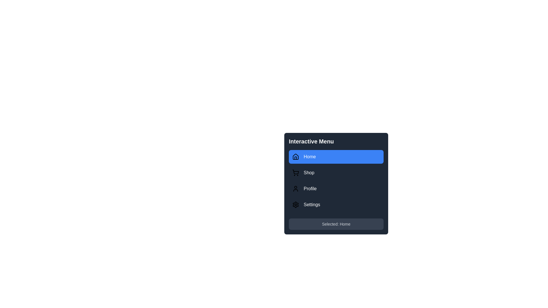  Describe the element at coordinates (296, 189) in the screenshot. I see `the 'Profile' menu icon which visually indicates access to profile settings or information` at that location.